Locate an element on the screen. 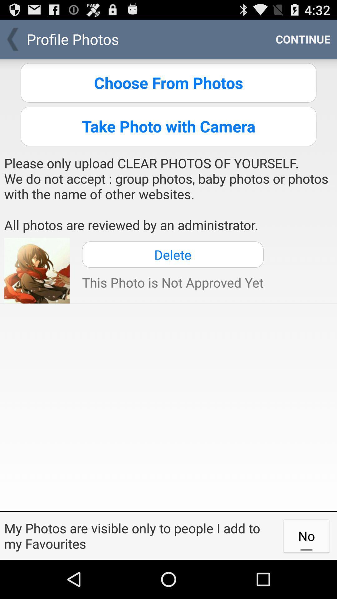 Image resolution: width=337 pixels, height=599 pixels. button next to the delete item is located at coordinates (37, 270).